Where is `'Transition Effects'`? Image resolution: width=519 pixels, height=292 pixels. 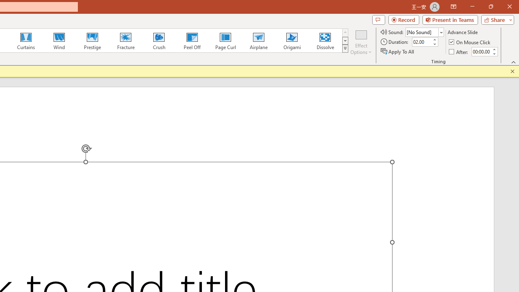 'Transition Effects' is located at coordinates (345, 49).